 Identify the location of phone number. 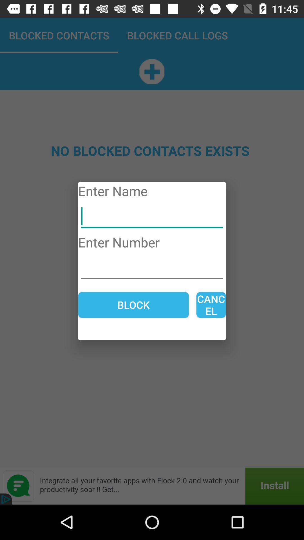
(152, 267).